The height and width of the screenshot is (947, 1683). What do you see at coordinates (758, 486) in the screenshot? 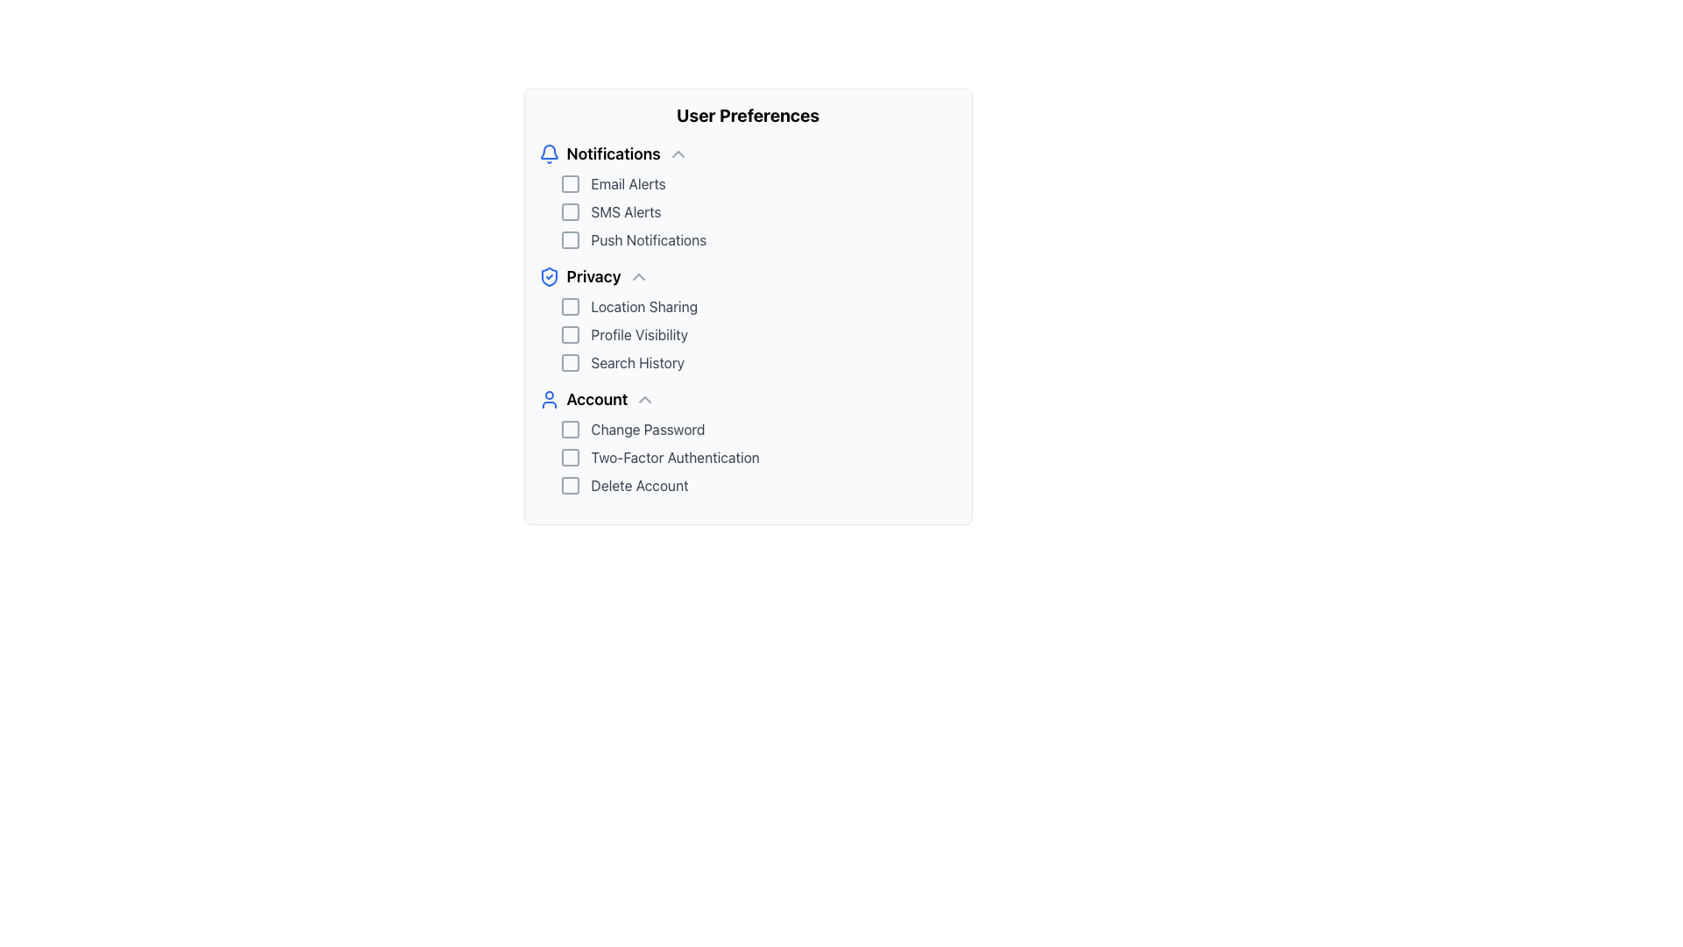
I see `the 'Delete Account' checkbox` at bounding box center [758, 486].